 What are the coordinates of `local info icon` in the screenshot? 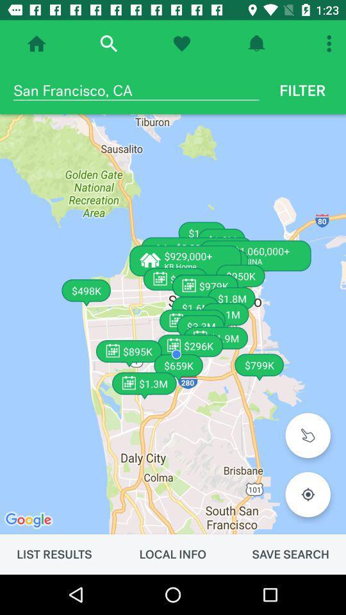 It's located at (172, 553).